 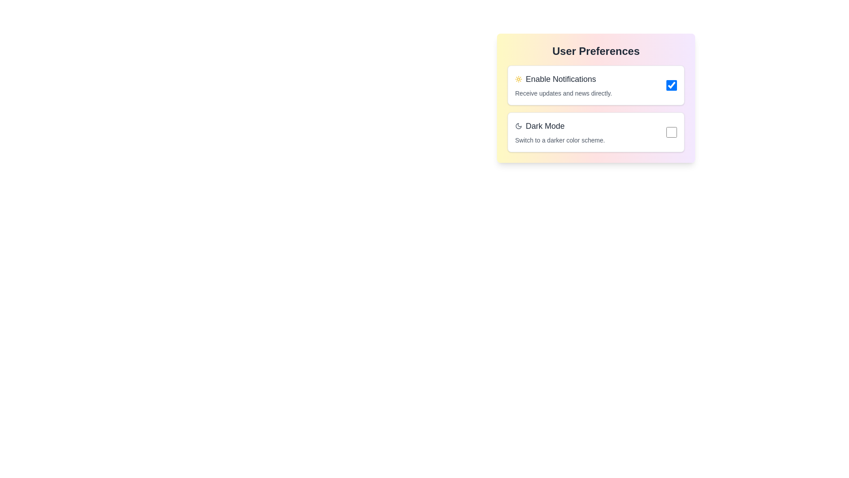 What do you see at coordinates (596, 51) in the screenshot?
I see `the prominently displayed text label 'User Preferences', which is styled in a bold and large font with a dark gray color, located at the top of a card-like component with a gradient background` at bounding box center [596, 51].